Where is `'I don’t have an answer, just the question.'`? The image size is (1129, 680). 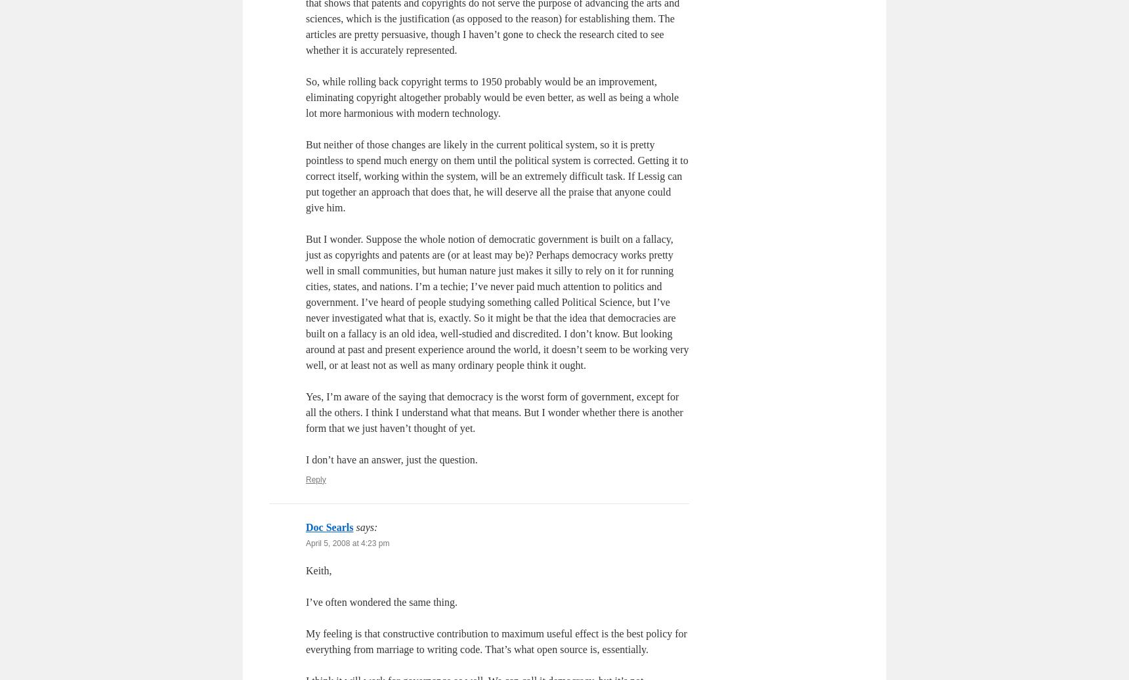
'I don’t have an answer, just the question.' is located at coordinates (305, 459).